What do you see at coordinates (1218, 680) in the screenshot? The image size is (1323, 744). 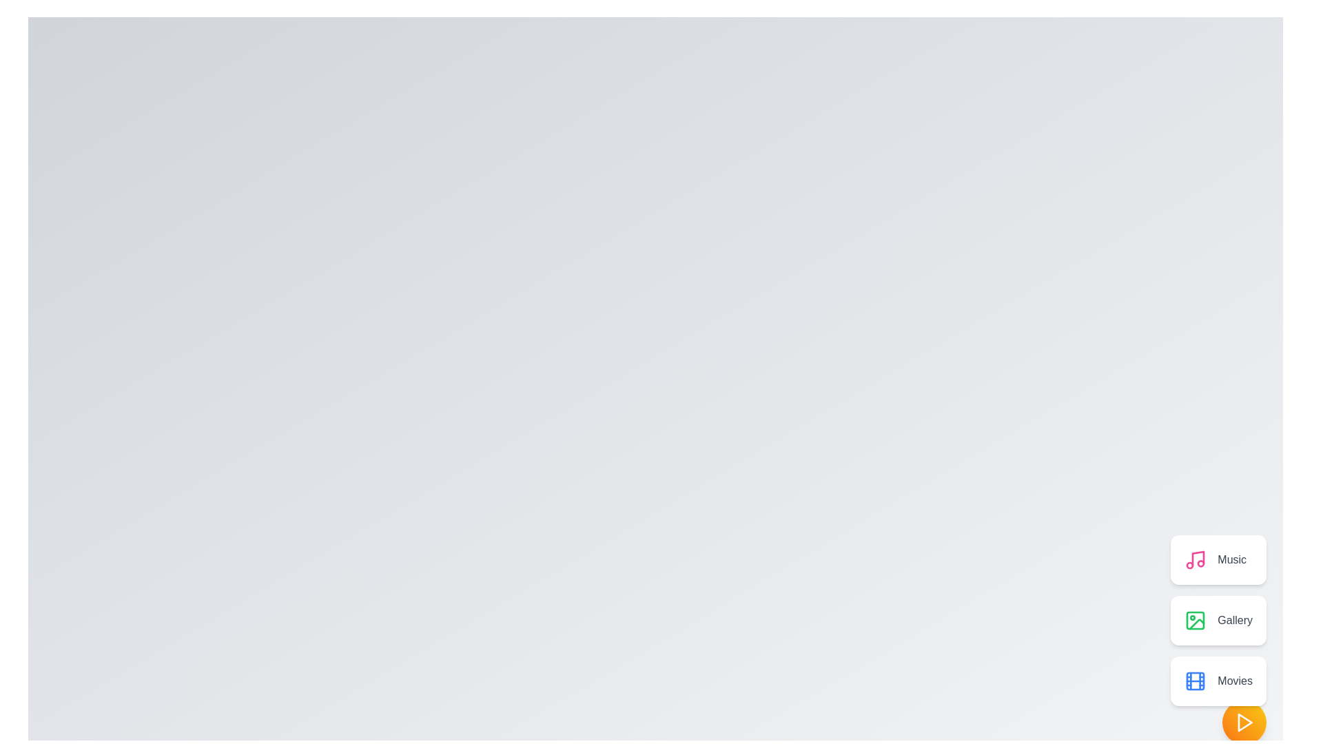 I see `the 'Movies' button to select it` at bounding box center [1218, 680].